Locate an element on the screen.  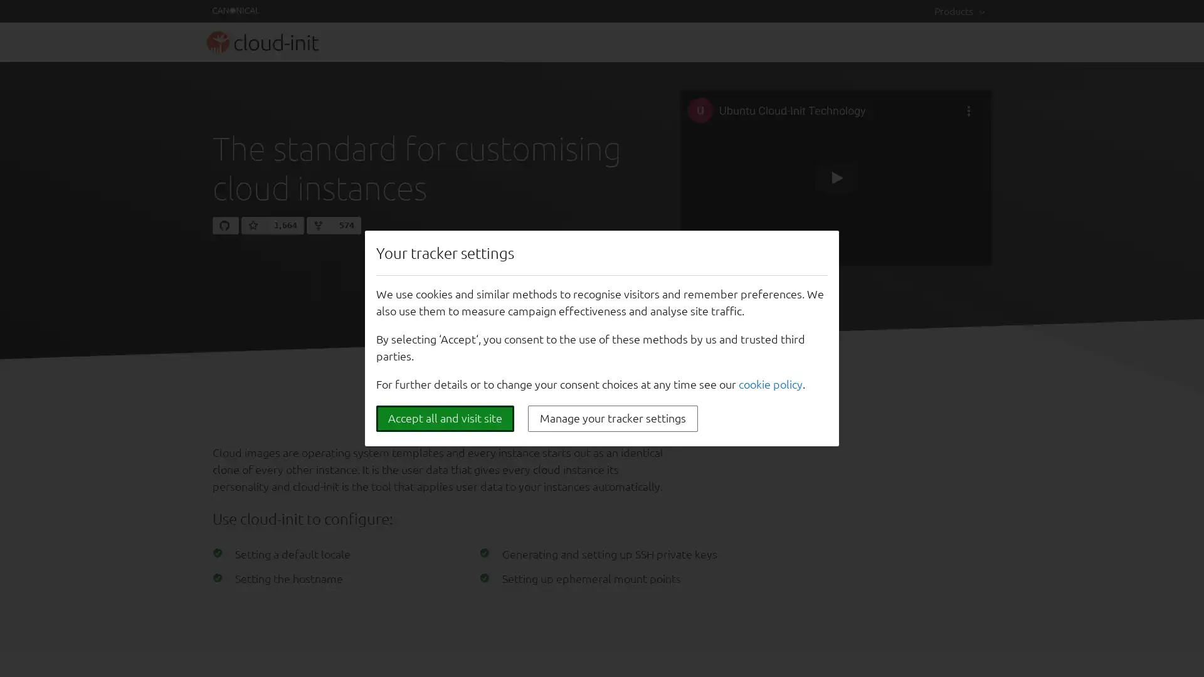
Manage your tracker settings is located at coordinates (613, 418).